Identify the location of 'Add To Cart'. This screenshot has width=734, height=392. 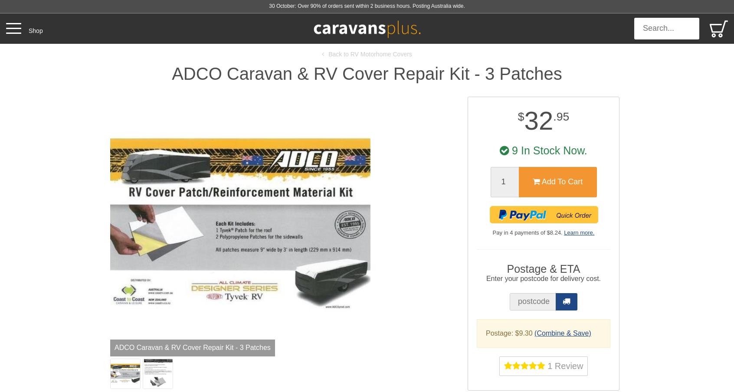
(539, 182).